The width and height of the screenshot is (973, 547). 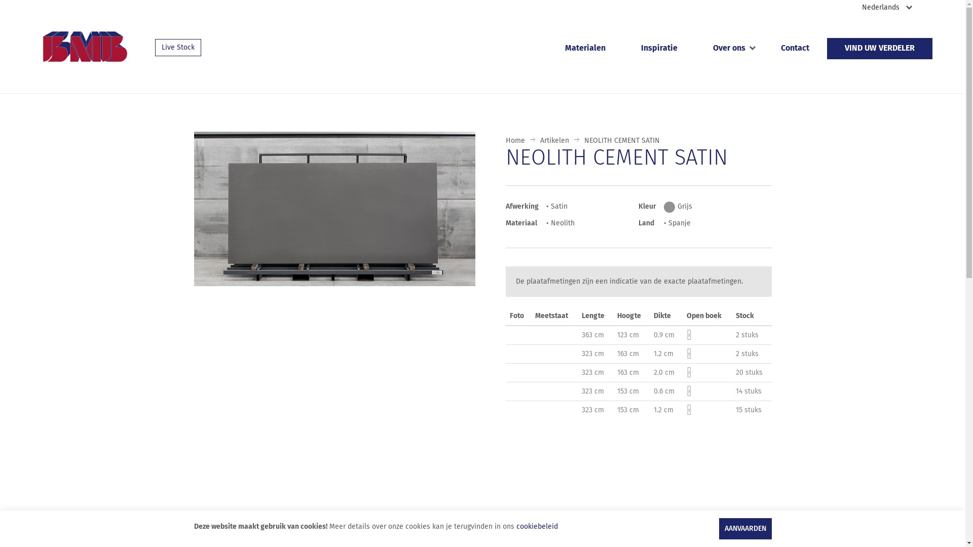 I want to click on 'Live Stock', so click(x=178, y=47).